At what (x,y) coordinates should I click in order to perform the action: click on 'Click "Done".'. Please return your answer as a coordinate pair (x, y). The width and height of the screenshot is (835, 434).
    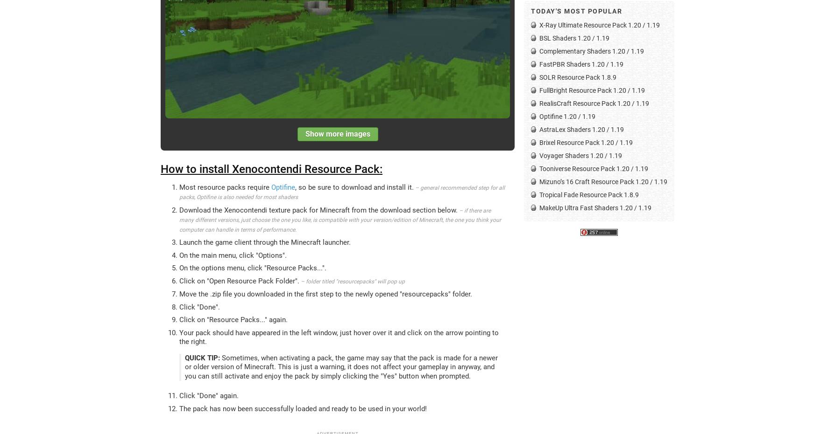
    Looking at the image, I should click on (179, 307).